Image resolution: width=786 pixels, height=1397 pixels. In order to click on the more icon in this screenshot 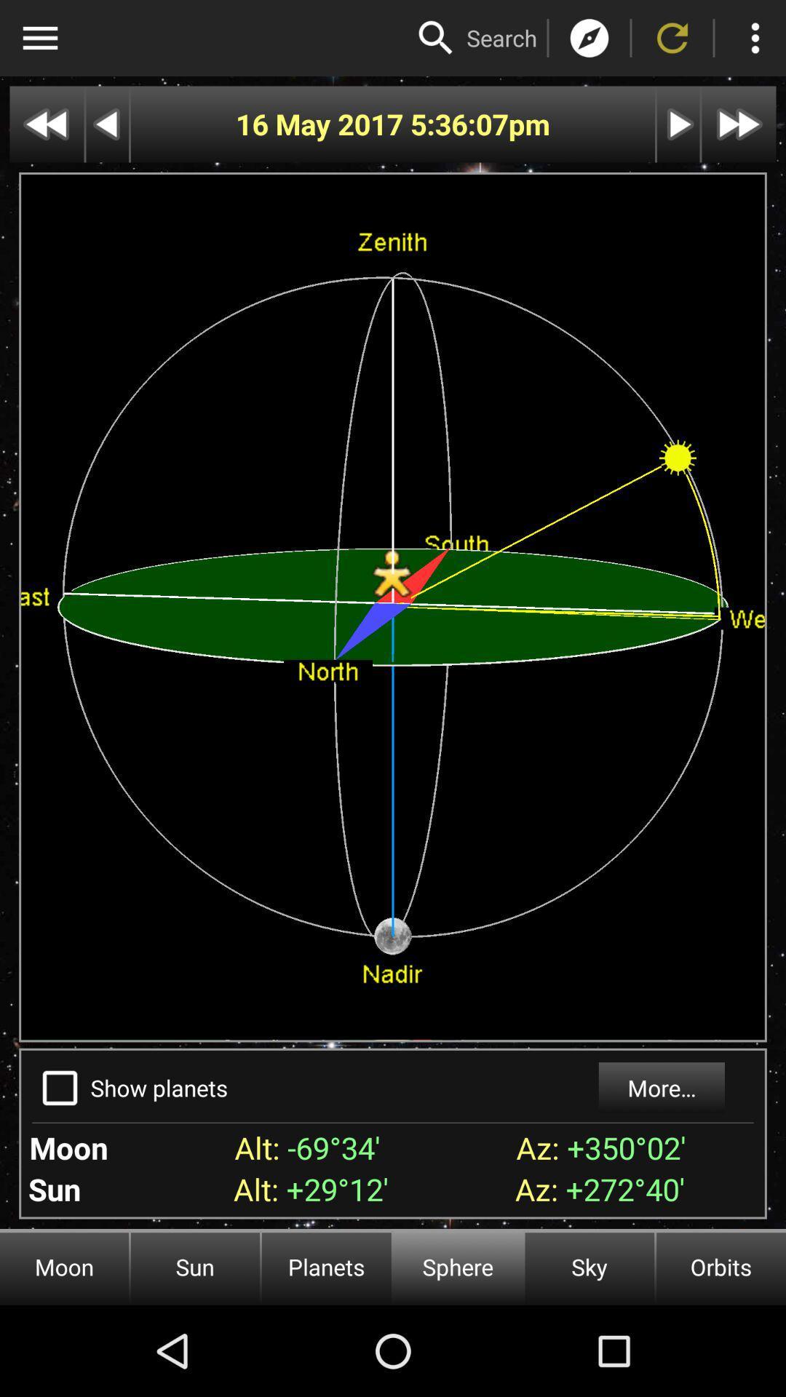, I will do `click(754, 38)`.